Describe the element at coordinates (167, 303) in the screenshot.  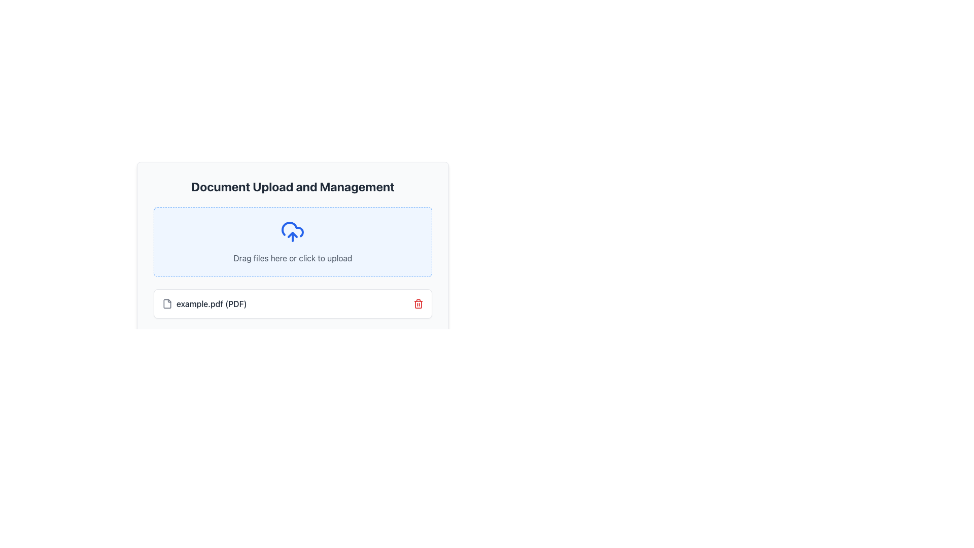
I see `the gray document file icon located to the immediate left of the label 'example.pdf (PDF)' in the list of uploaded files` at that location.